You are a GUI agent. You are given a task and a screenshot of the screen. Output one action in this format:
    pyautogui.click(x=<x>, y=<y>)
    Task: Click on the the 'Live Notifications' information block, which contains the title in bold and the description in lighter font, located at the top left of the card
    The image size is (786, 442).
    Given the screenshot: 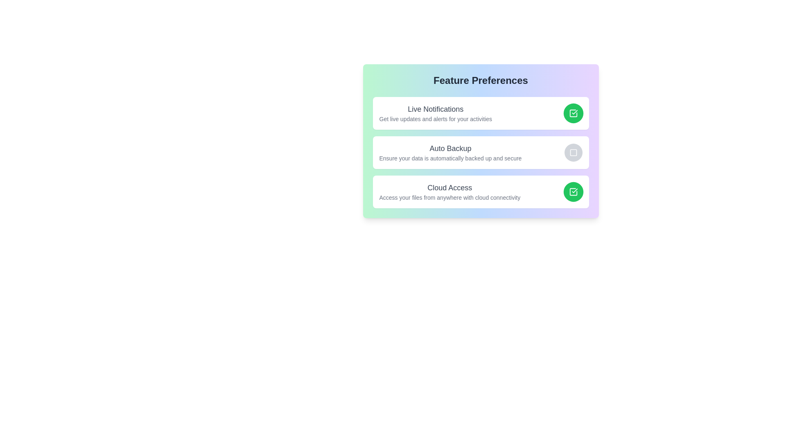 What is the action you would take?
    pyautogui.click(x=435, y=113)
    